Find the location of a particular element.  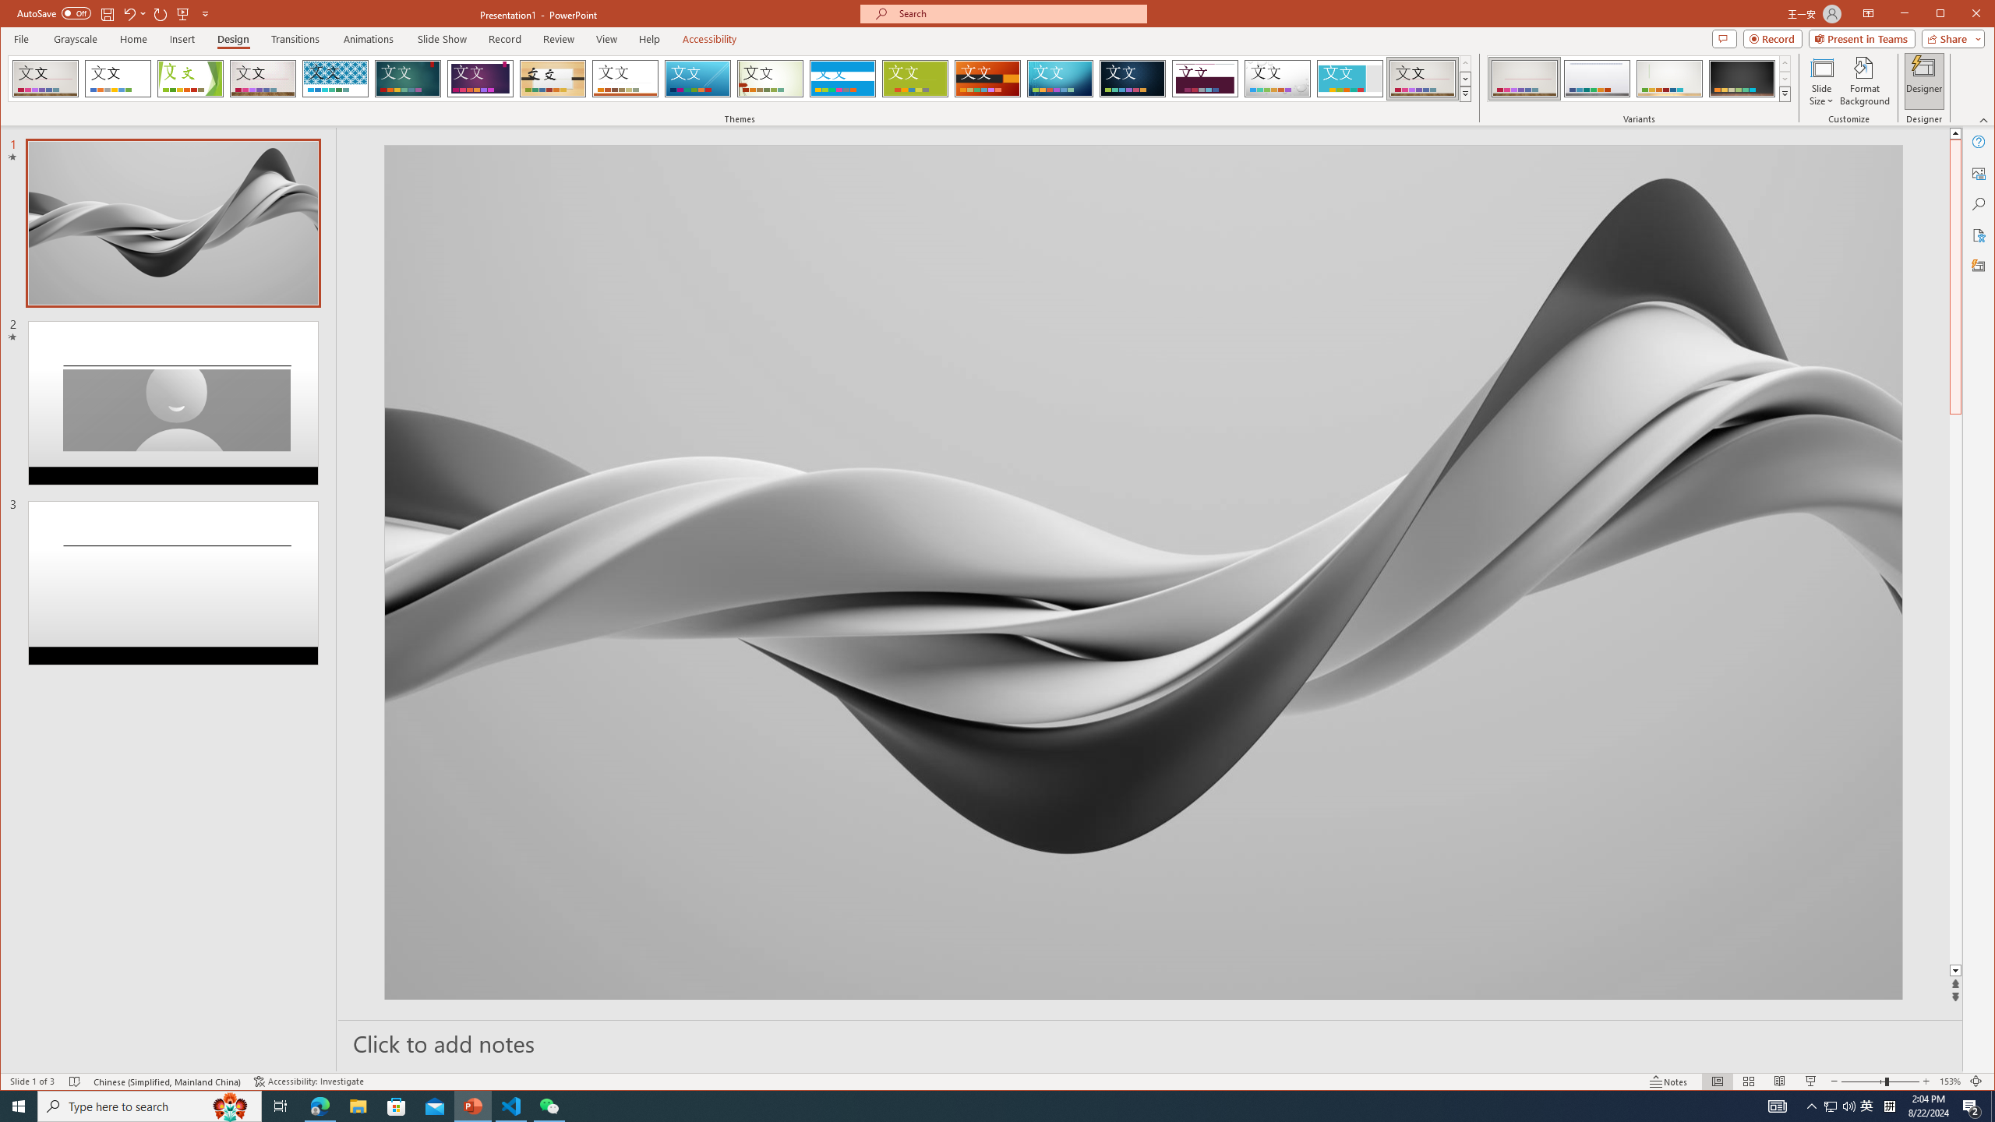

'Basis' is located at coordinates (915, 78).